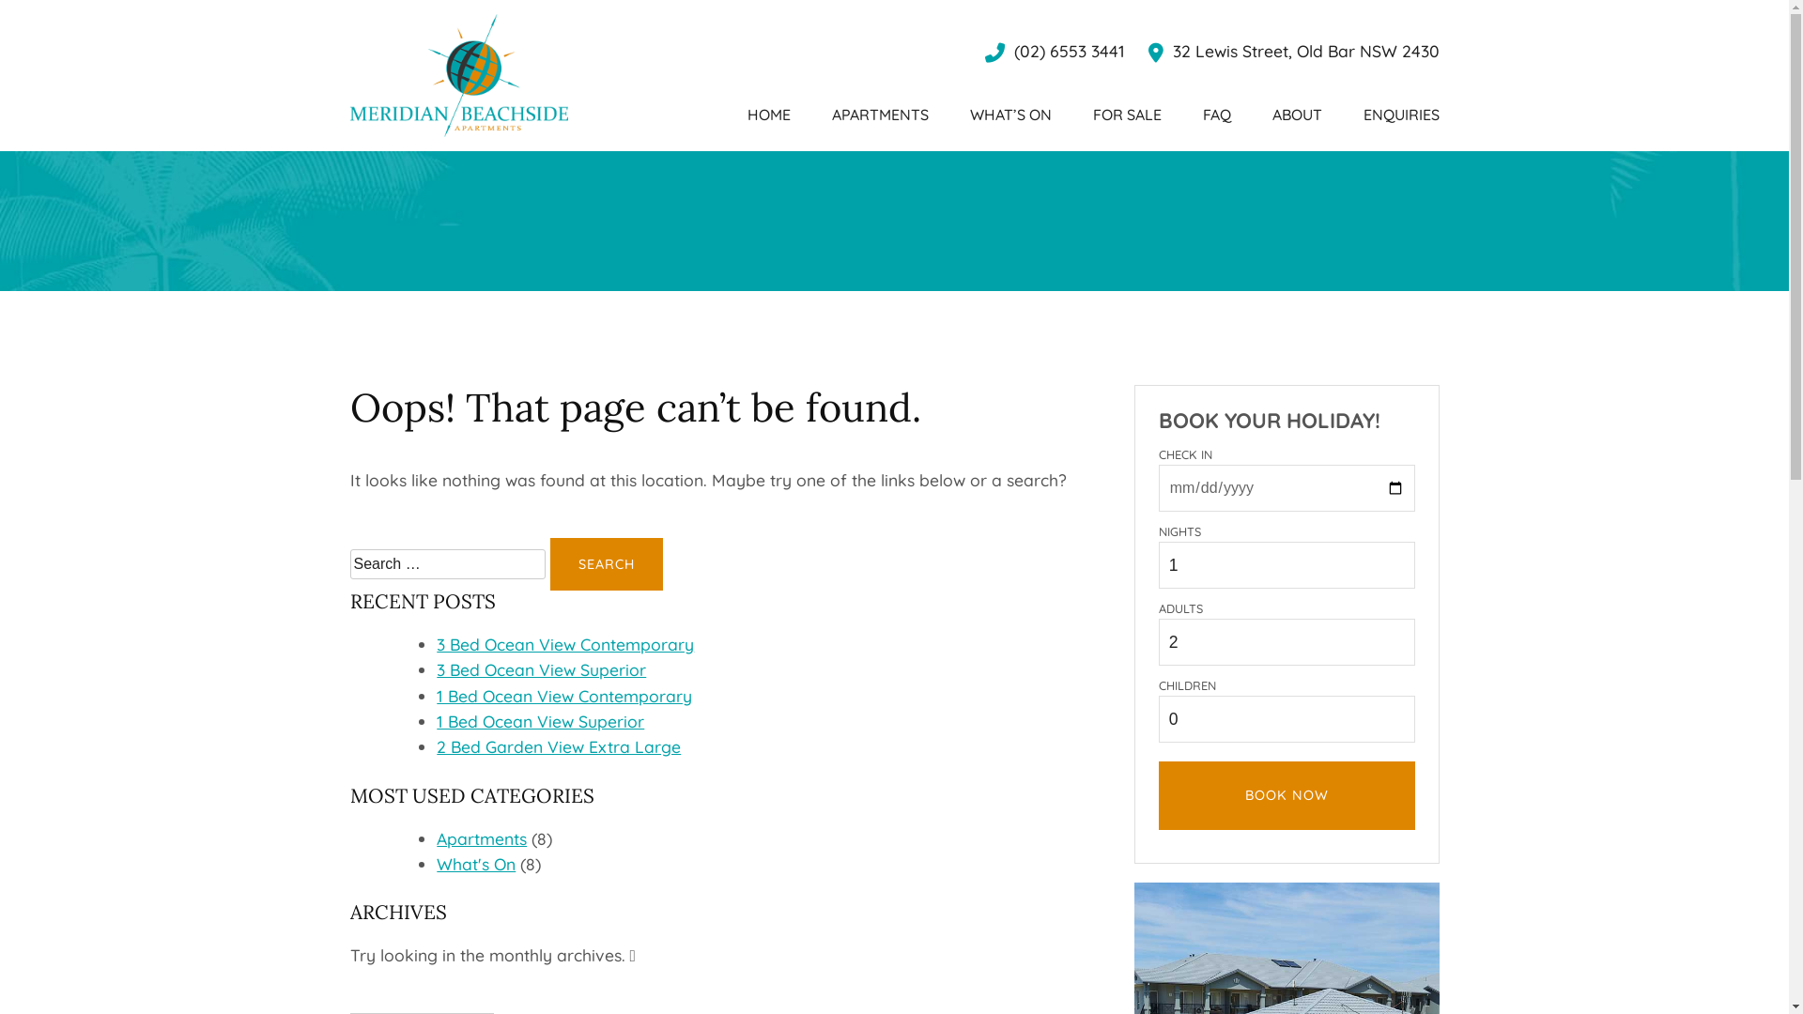 The height and width of the screenshot is (1014, 1803). What do you see at coordinates (1202, 115) in the screenshot?
I see `'FAQ'` at bounding box center [1202, 115].